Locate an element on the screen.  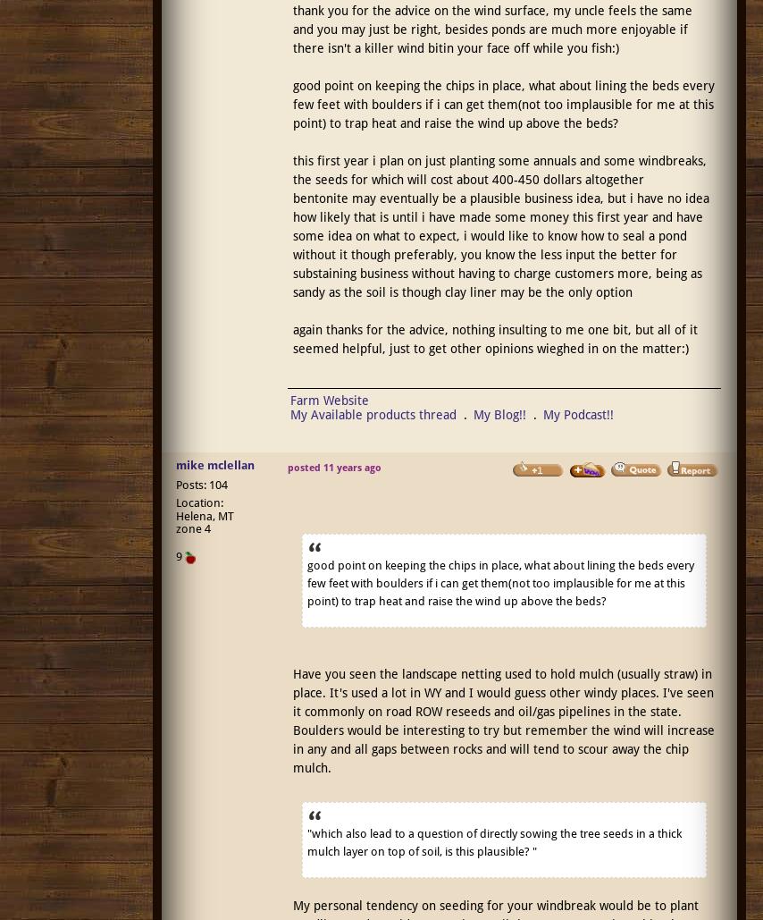
'My Podcast!!' is located at coordinates (542, 414).